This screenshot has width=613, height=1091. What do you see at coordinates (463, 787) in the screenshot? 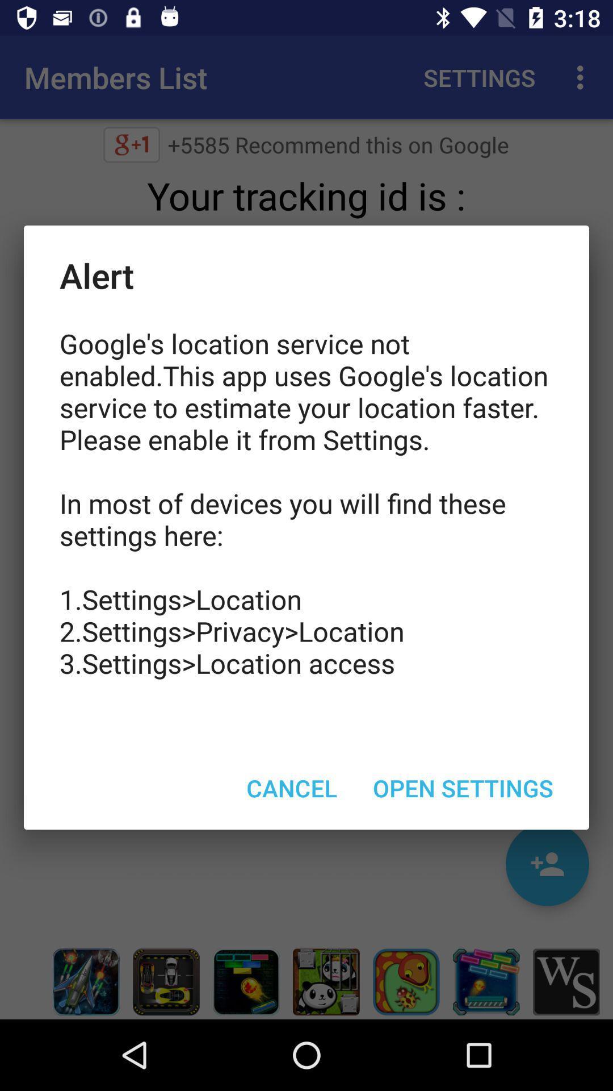
I see `the item at the bottom right corner` at bounding box center [463, 787].